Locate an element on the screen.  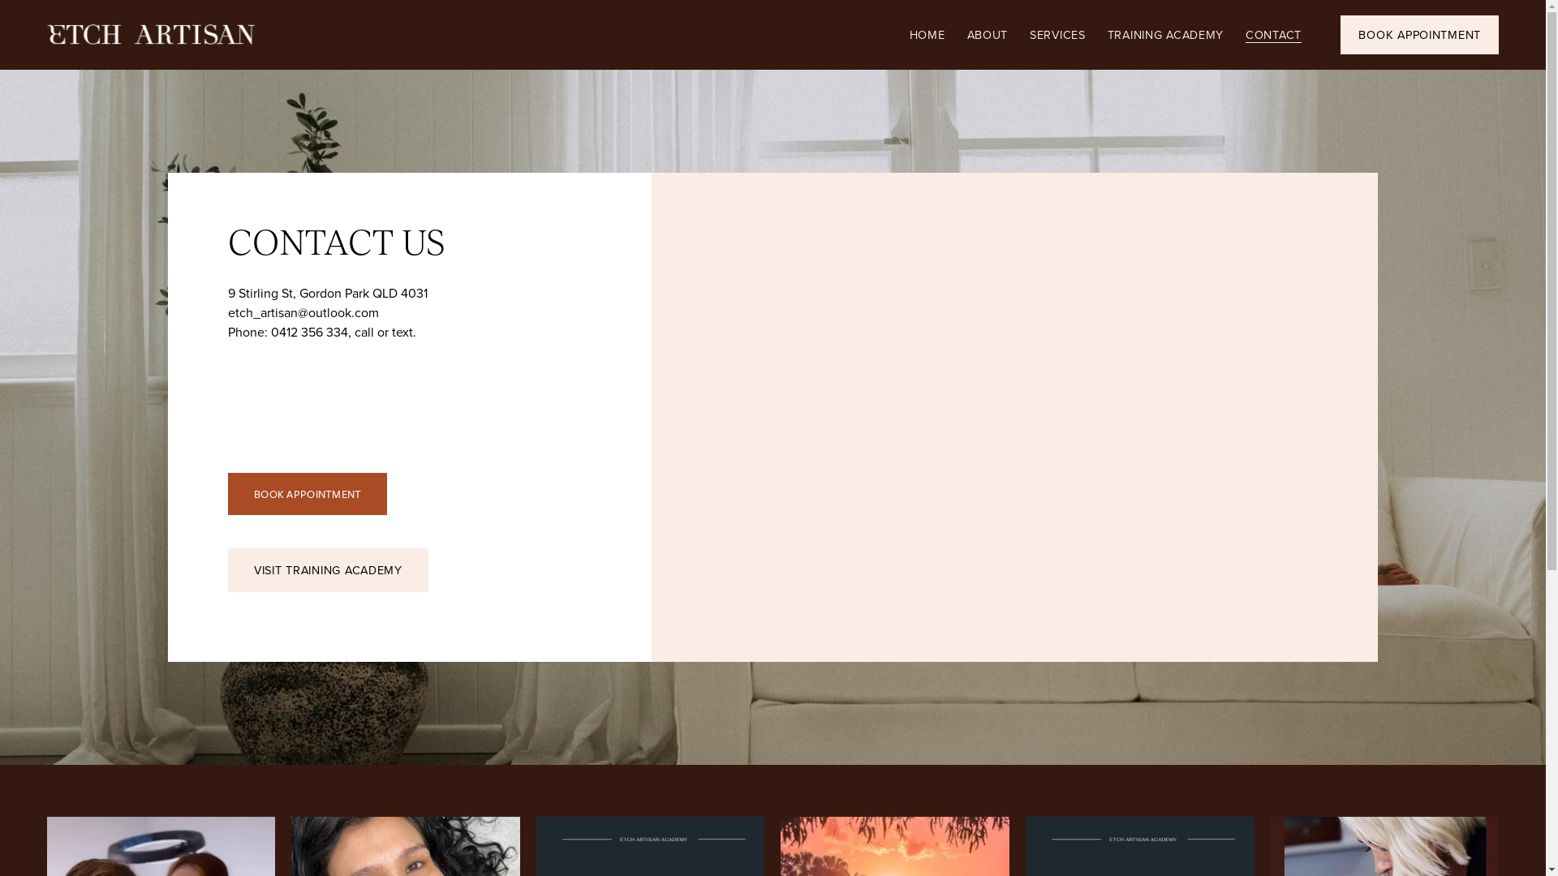
'SERVICES' is located at coordinates (1028, 34).